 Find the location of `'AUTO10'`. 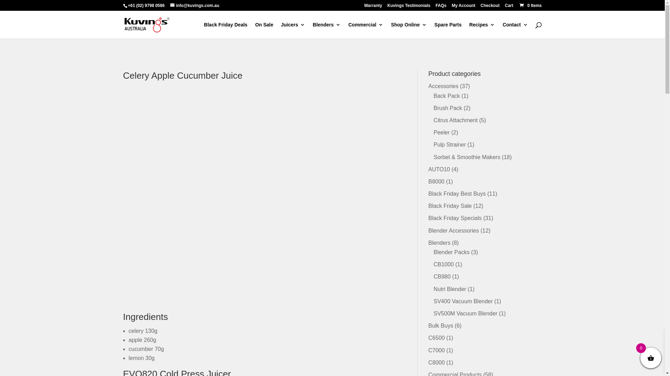

'AUTO10' is located at coordinates (438, 169).